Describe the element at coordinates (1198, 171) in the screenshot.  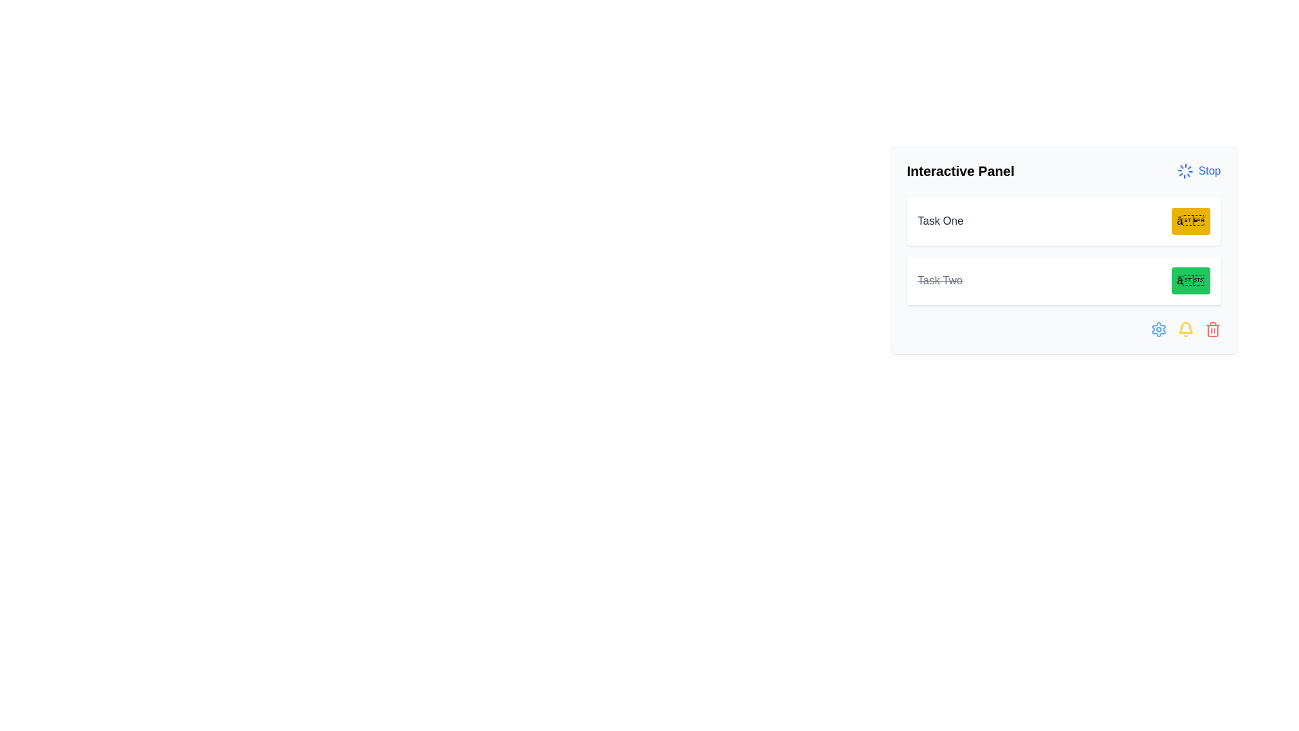
I see `the stop button located to the right of the 'Interactive Panel' header` at that location.